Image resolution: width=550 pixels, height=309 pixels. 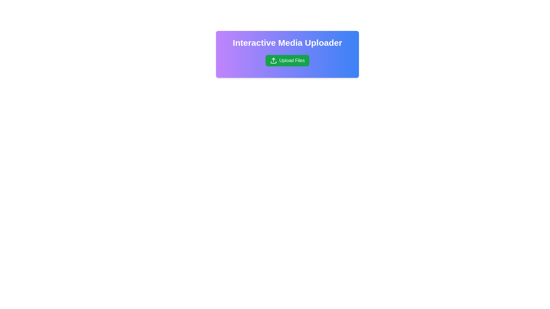 I want to click on the green rectangular button labeled 'Upload Files' with an upward-facing arrow icon, so click(x=287, y=61).